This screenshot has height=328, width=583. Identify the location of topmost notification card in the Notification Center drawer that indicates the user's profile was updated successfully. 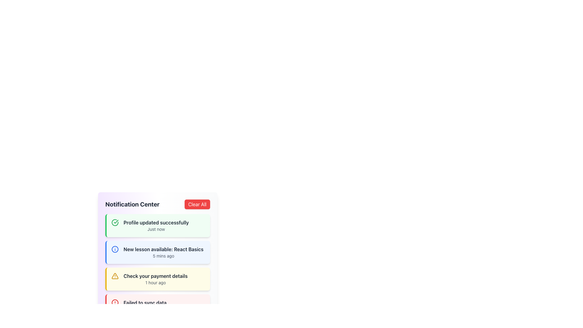
(158, 226).